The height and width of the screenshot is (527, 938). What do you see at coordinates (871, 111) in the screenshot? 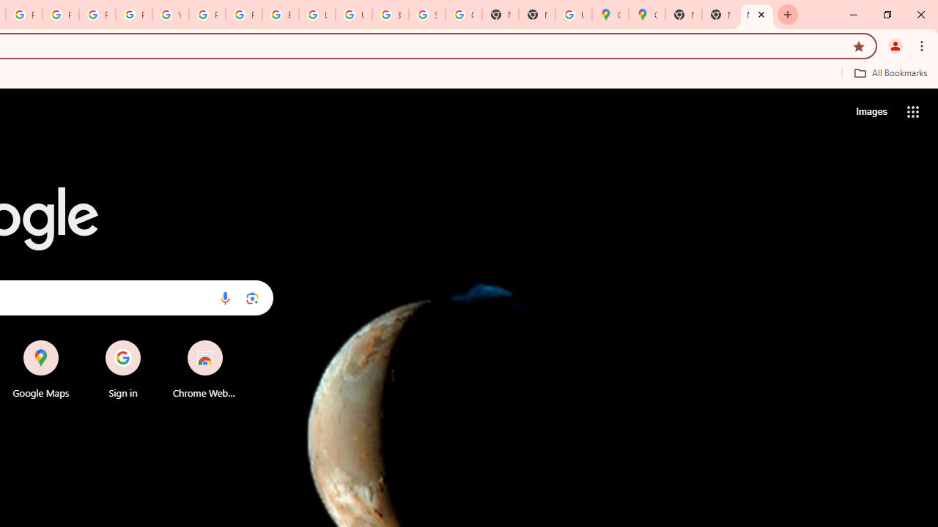
I see `'Search for Images '` at bounding box center [871, 111].